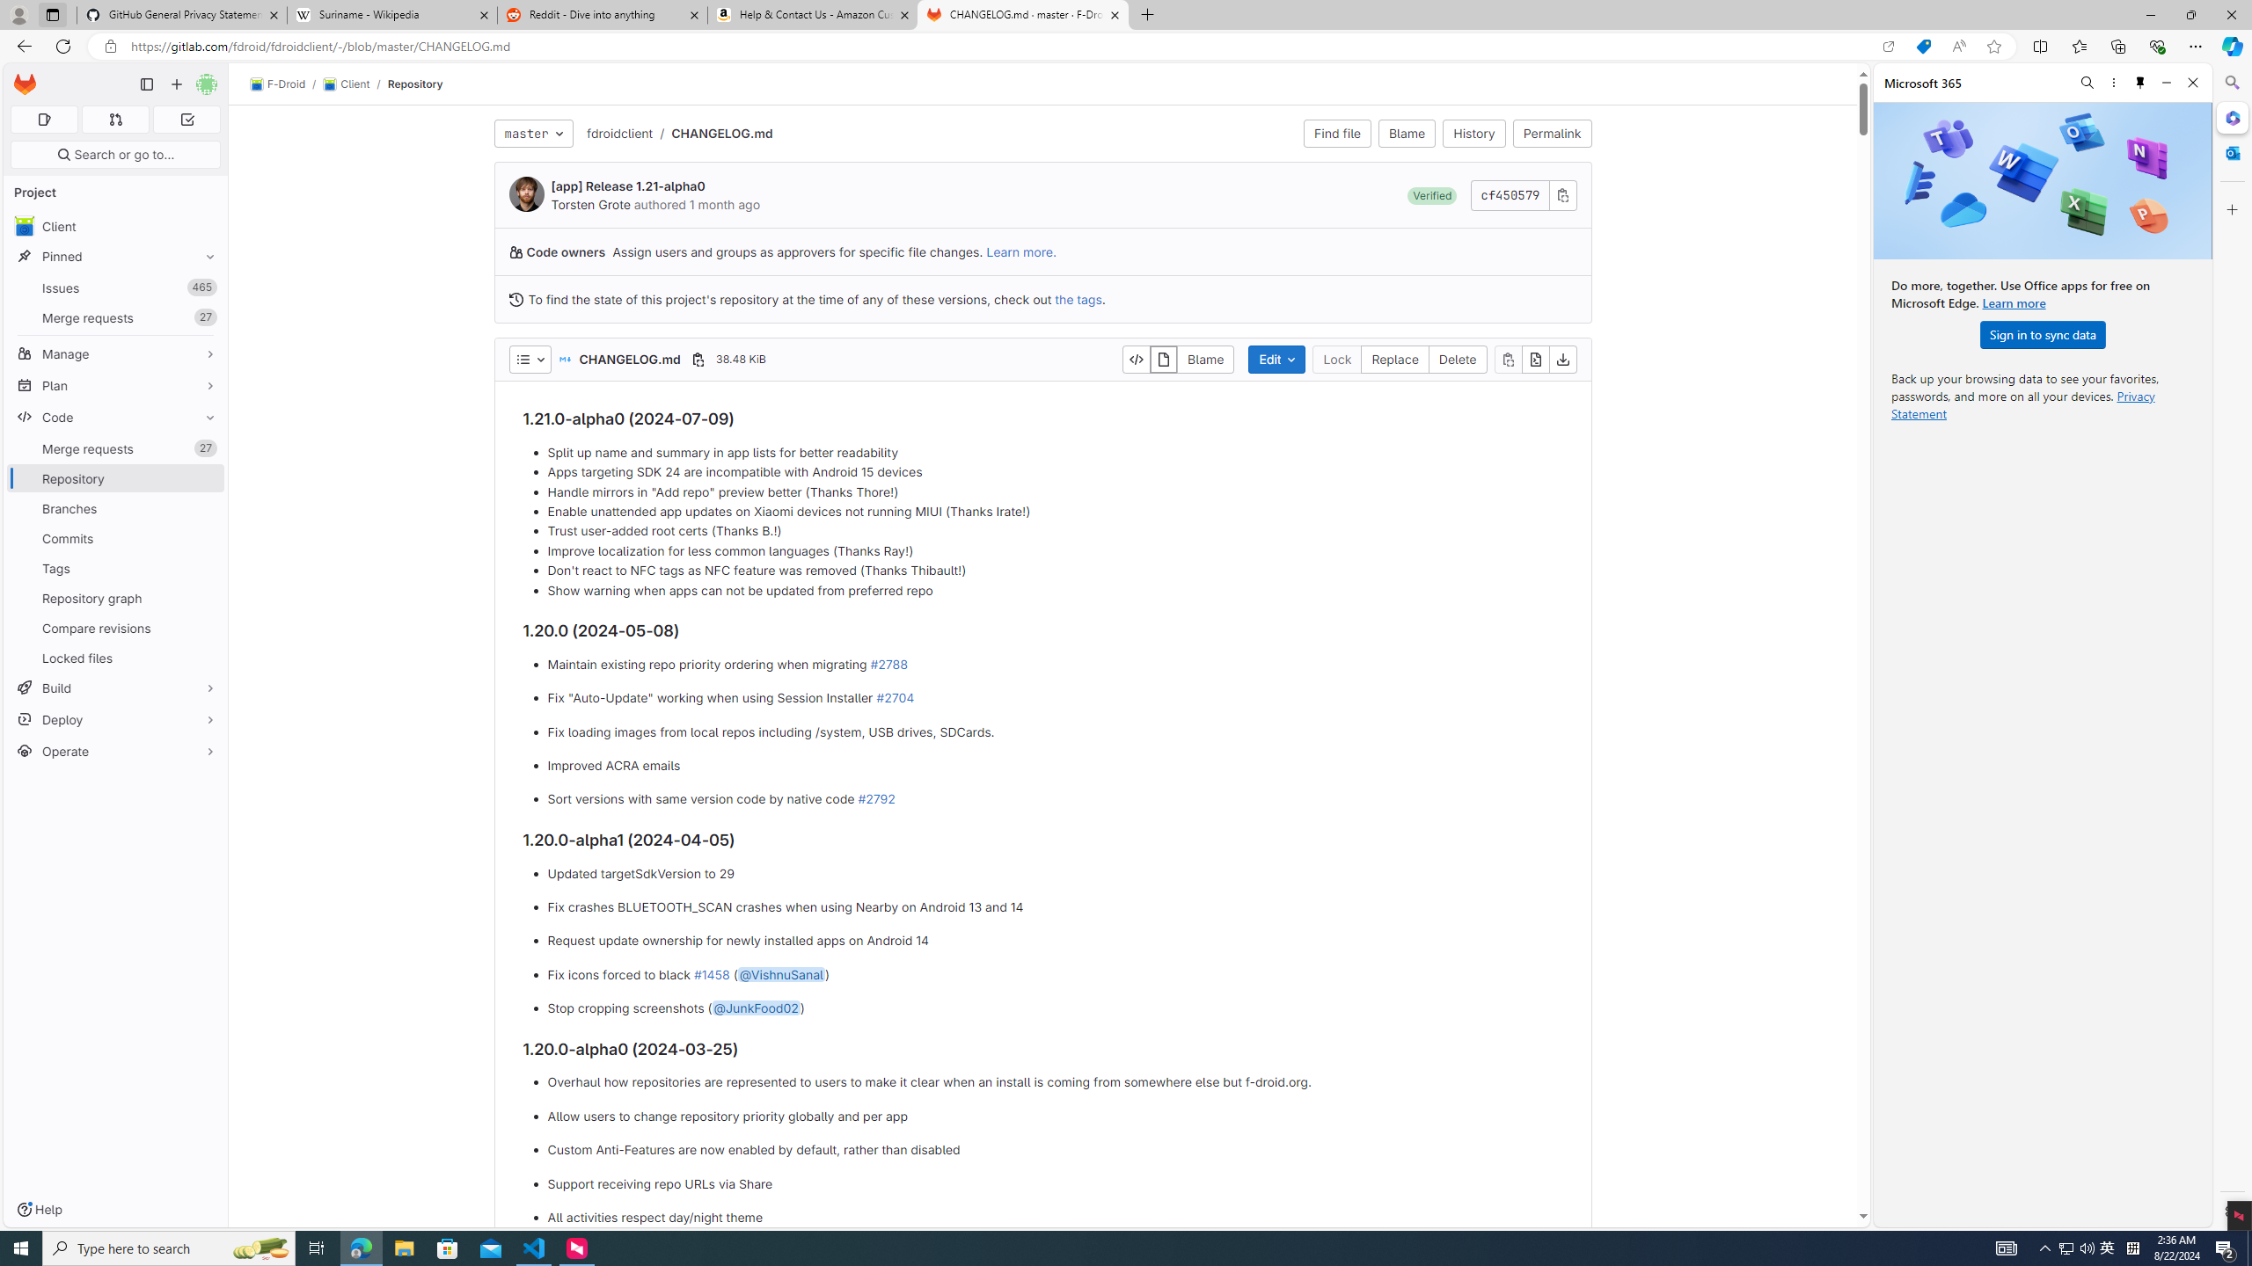 The width and height of the screenshot is (2252, 1266). I want to click on 'Client/', so click(355, 84).